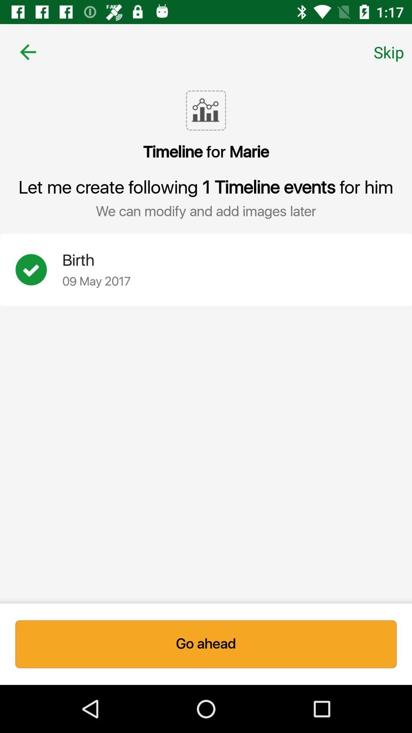 The image size is (412, 733). I want to click on go back, so click(27, 52).